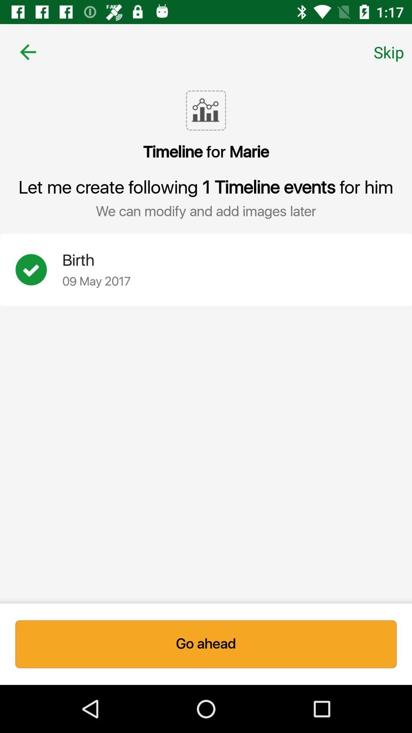 The image size is (412, 733). I want to click on go back, so click(27, 52).